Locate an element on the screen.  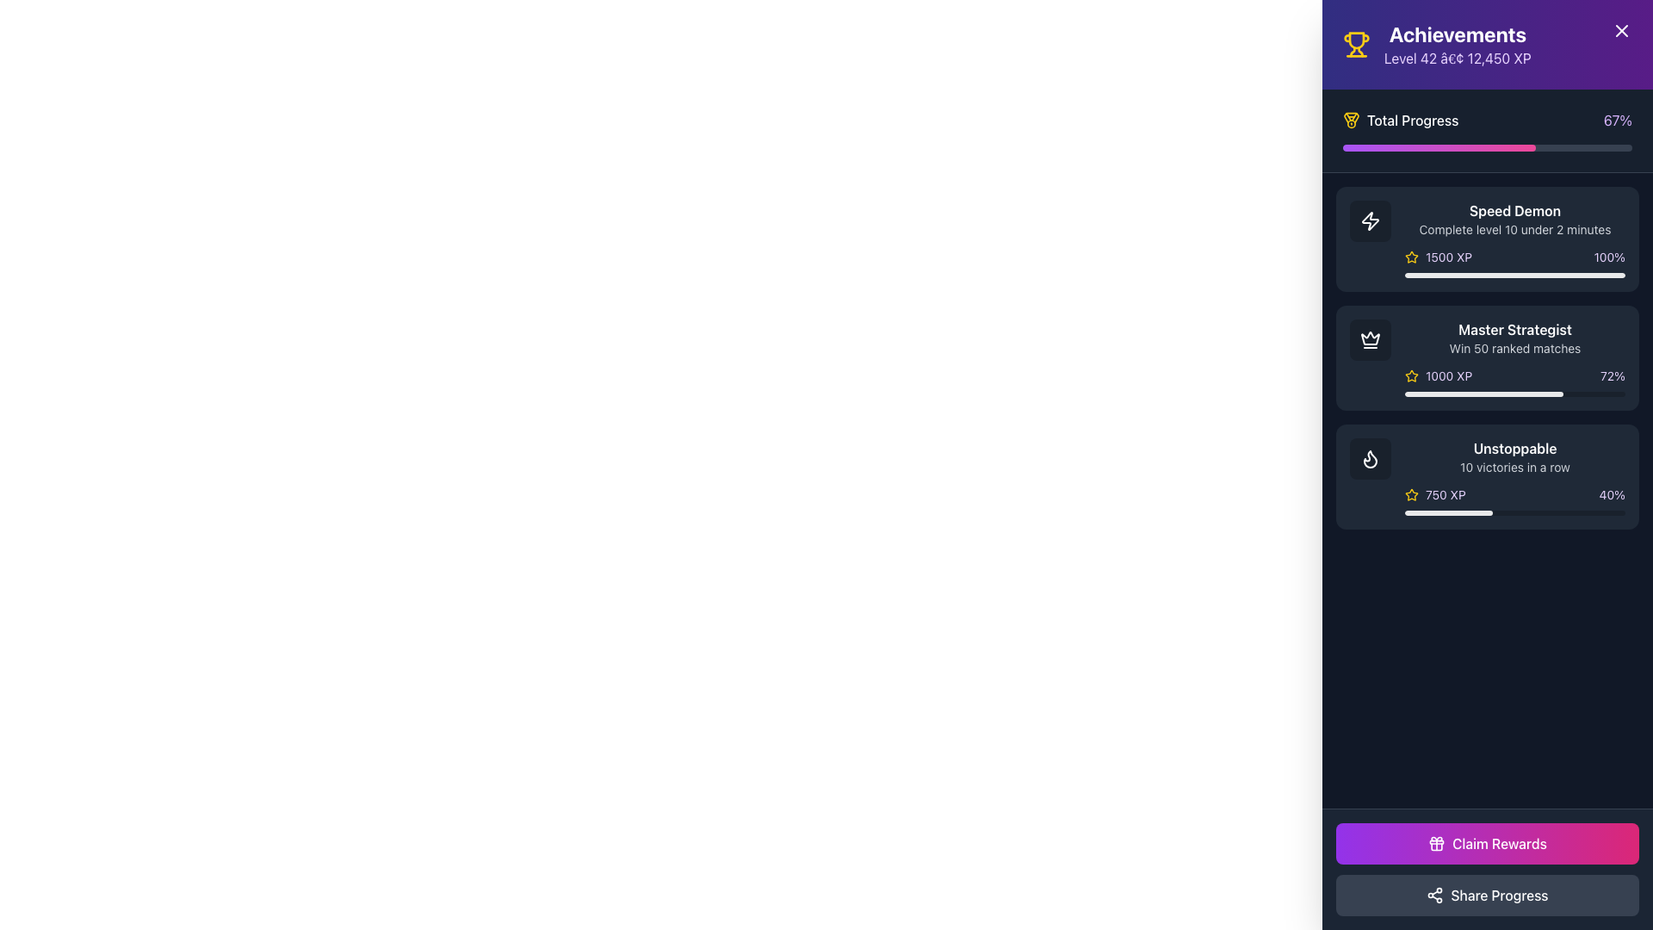
the Decorative label with a gold medal-shaped icon and the text 'Total Progress', located under the 'Achievements' header in the sidebar is located at coordinates (1401, 119).